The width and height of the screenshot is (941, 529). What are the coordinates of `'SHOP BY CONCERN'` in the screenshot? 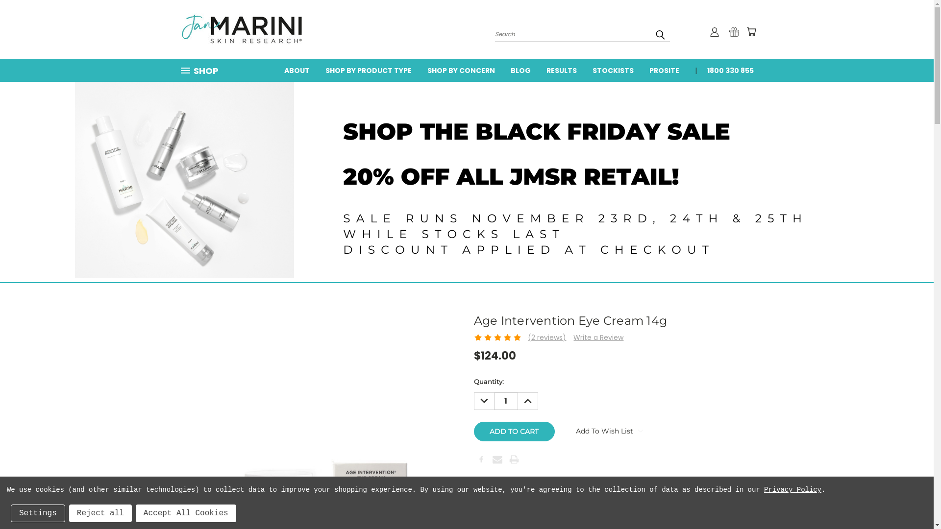 It's located at (460, 69).